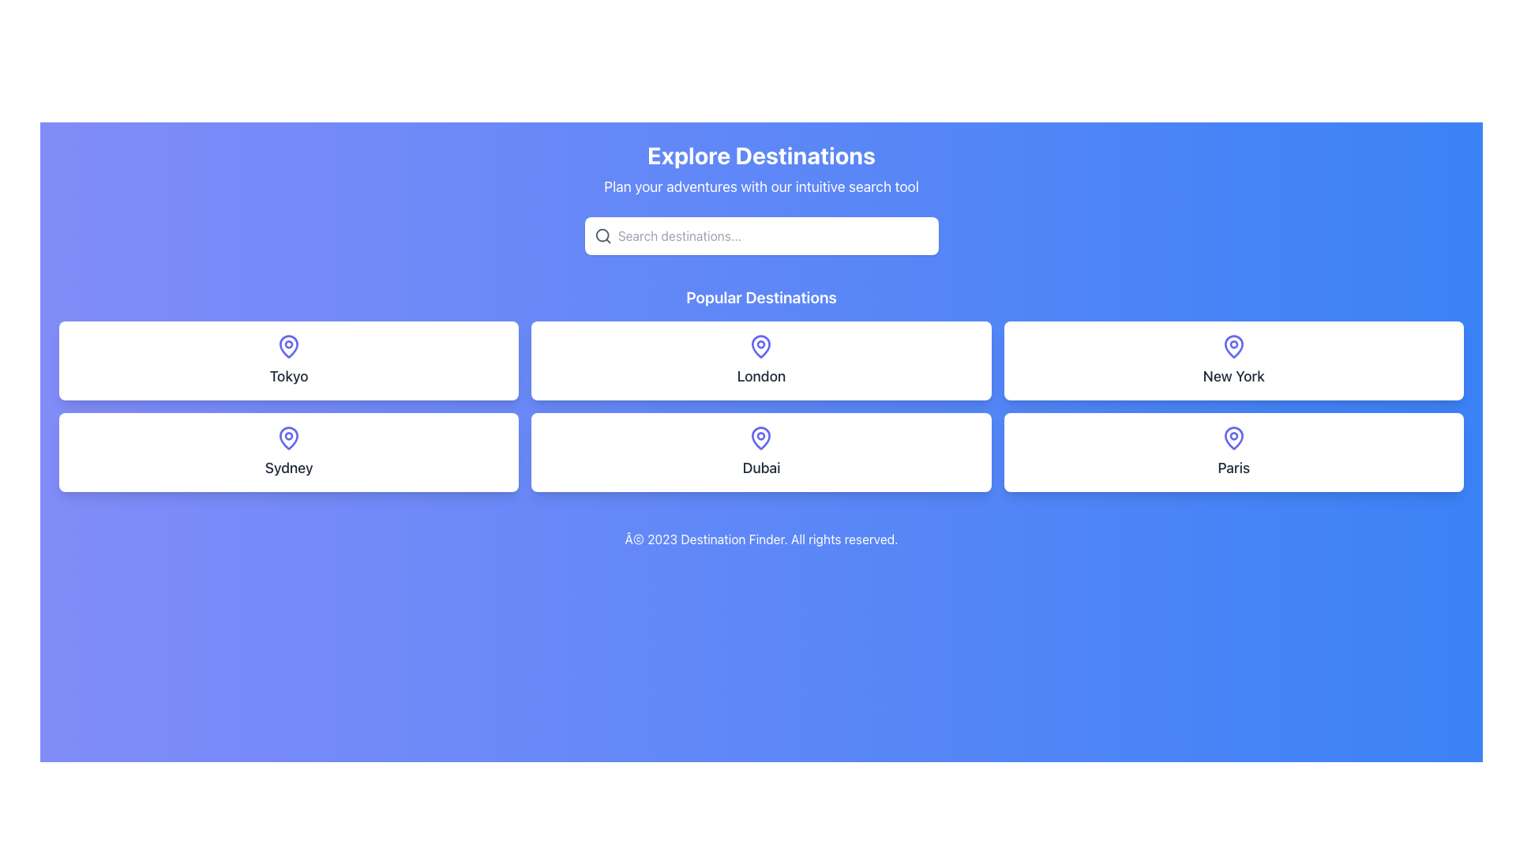 This screenshot has width=1516, height=853. What do you see at coordinates (1233, 453) in the screenshot?
I see `the button or clickable card representing the destination 'Paris' located in the bottom-right corner of the grid layout under the 'Popular Destinations' section` at bounding box center [1233, 453].